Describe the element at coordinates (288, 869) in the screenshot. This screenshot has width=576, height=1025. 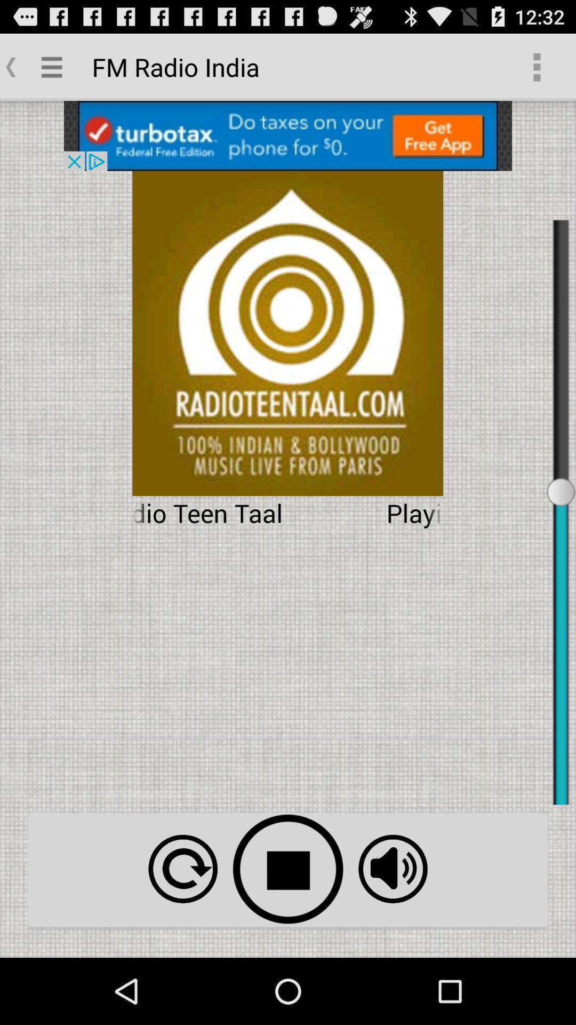
I see `stop` at that location.